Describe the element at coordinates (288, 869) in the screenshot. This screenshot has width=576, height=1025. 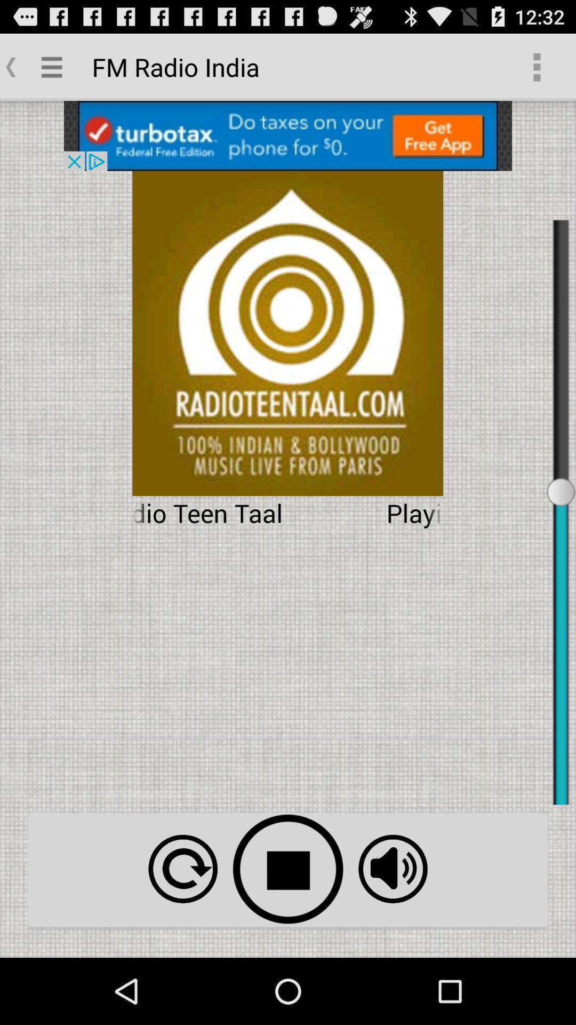
I see `stop` at that location.